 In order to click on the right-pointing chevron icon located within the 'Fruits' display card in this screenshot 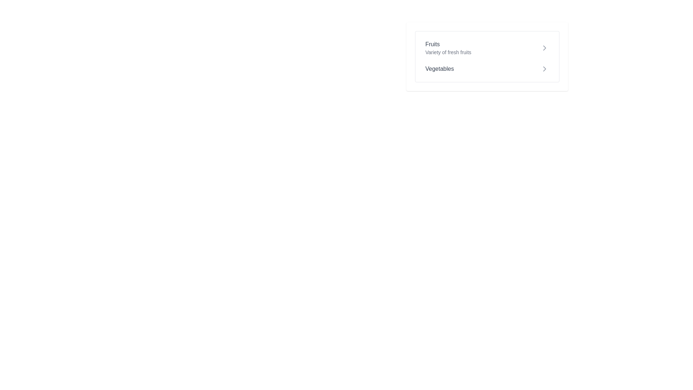, I will do `click(544, 48)`.